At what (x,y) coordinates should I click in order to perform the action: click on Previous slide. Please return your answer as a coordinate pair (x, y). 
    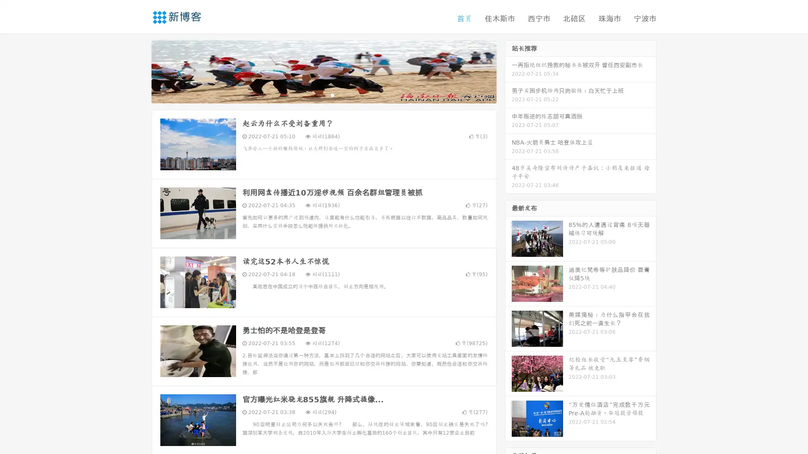
    Looking at the image, I should click on (139, 71).